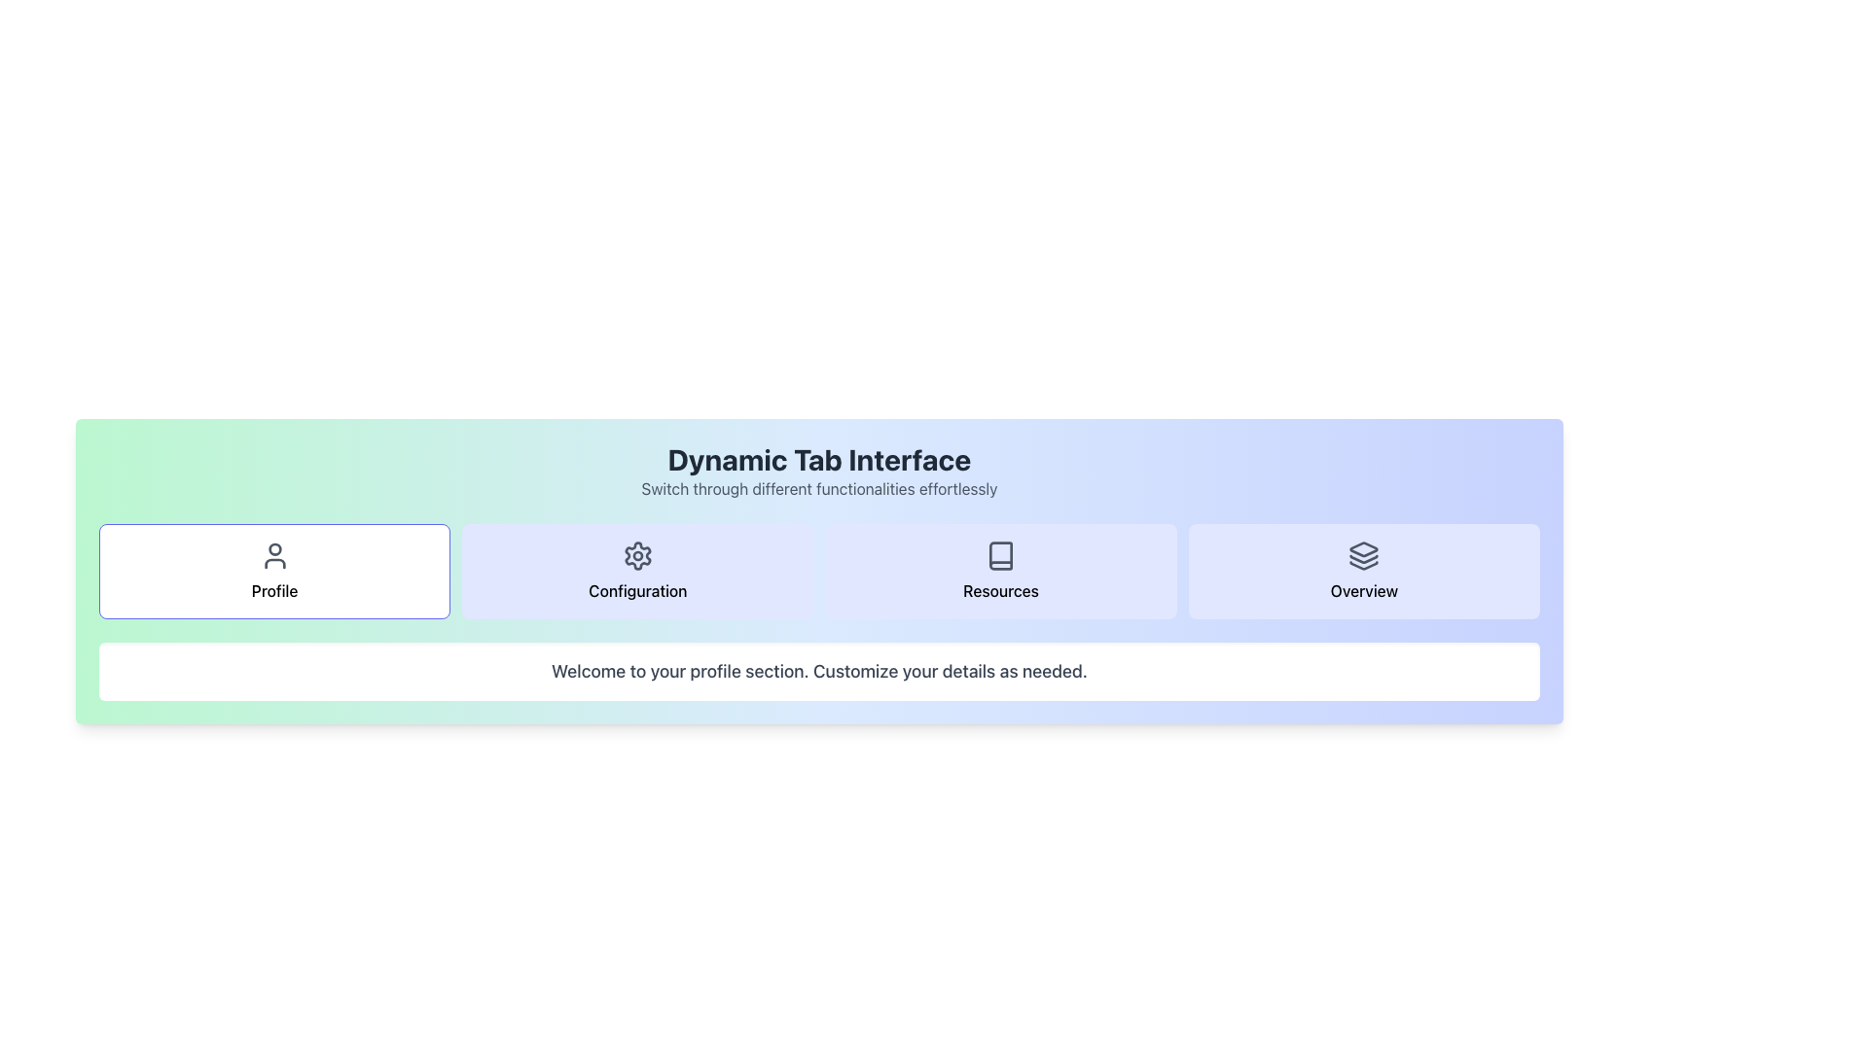 Image resolution: width=1868 pixels, height=1050 pixels. What do you see at coordinates (1363, 555) in the screenshot?
I see `the 'Overview' icon located at the rightmost button in the horizontal row at the bottom of the interface` at bounding box center [1363, 555].